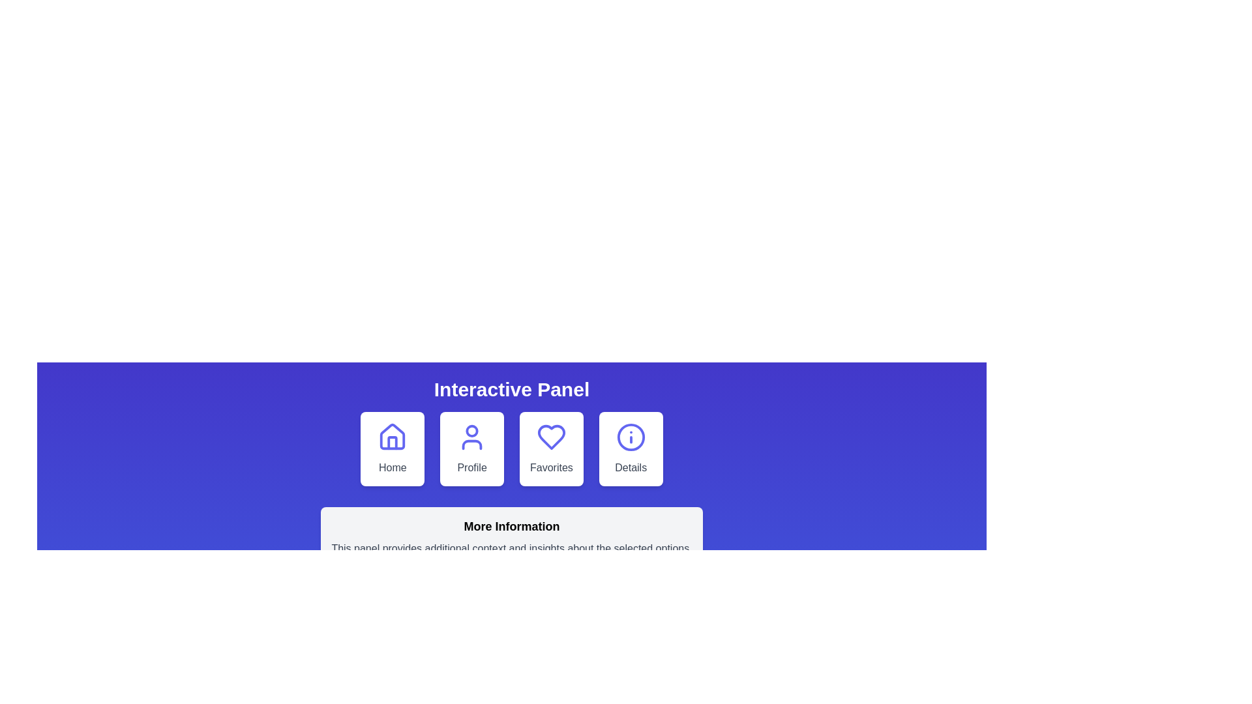  I want to click on the 'Profile' text label located at the bottom section of the second card in a horizontal row, which indicates a profile-related function, so click(471, 467).